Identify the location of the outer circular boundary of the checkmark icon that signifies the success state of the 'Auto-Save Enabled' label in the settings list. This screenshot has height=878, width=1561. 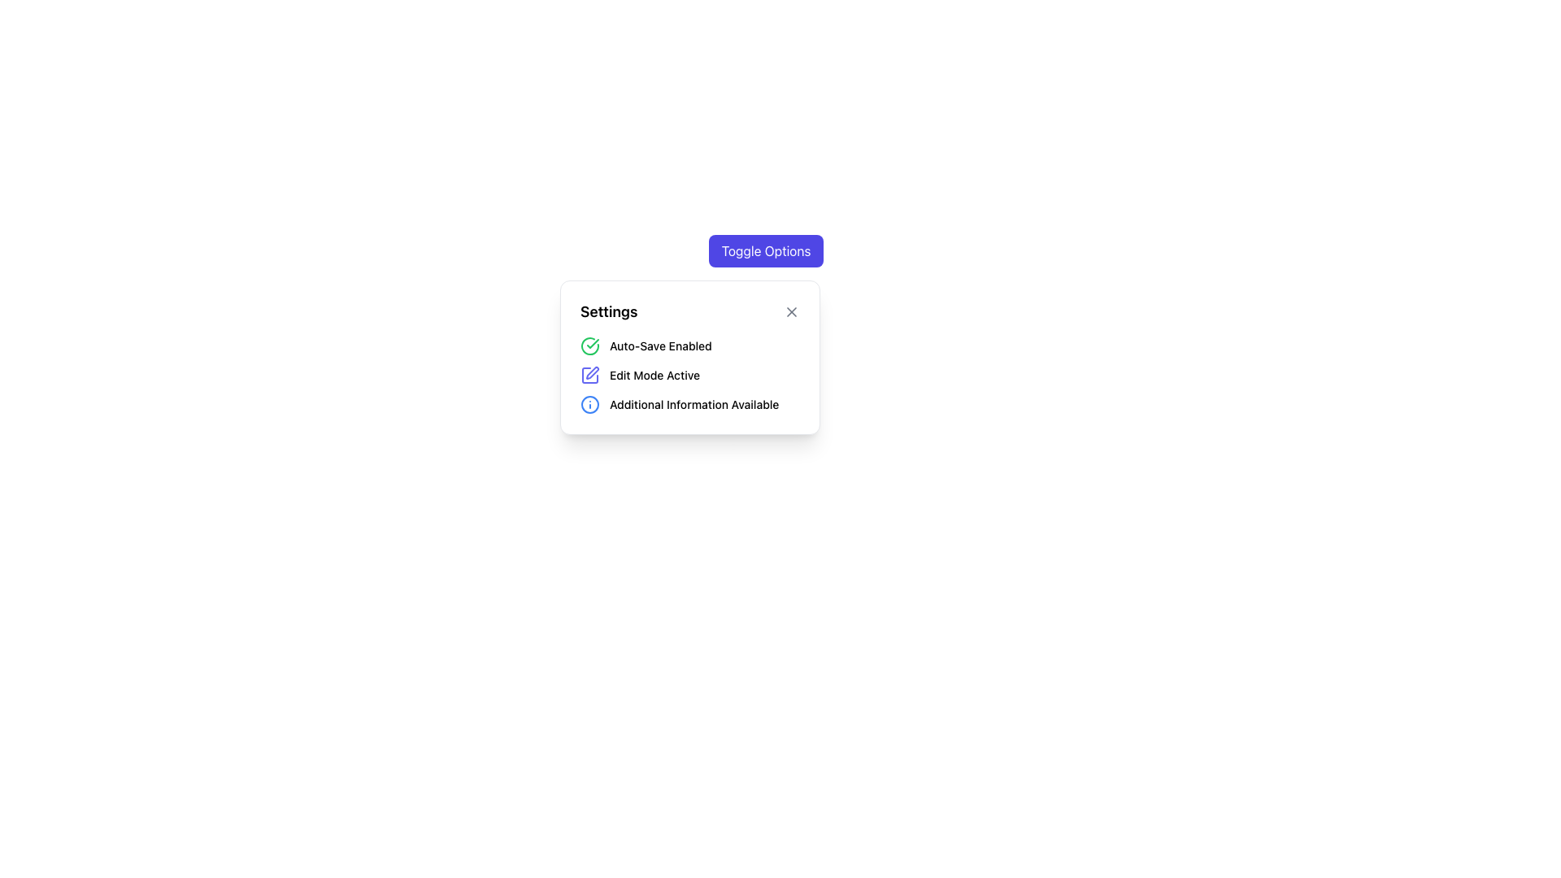
(589, 345).